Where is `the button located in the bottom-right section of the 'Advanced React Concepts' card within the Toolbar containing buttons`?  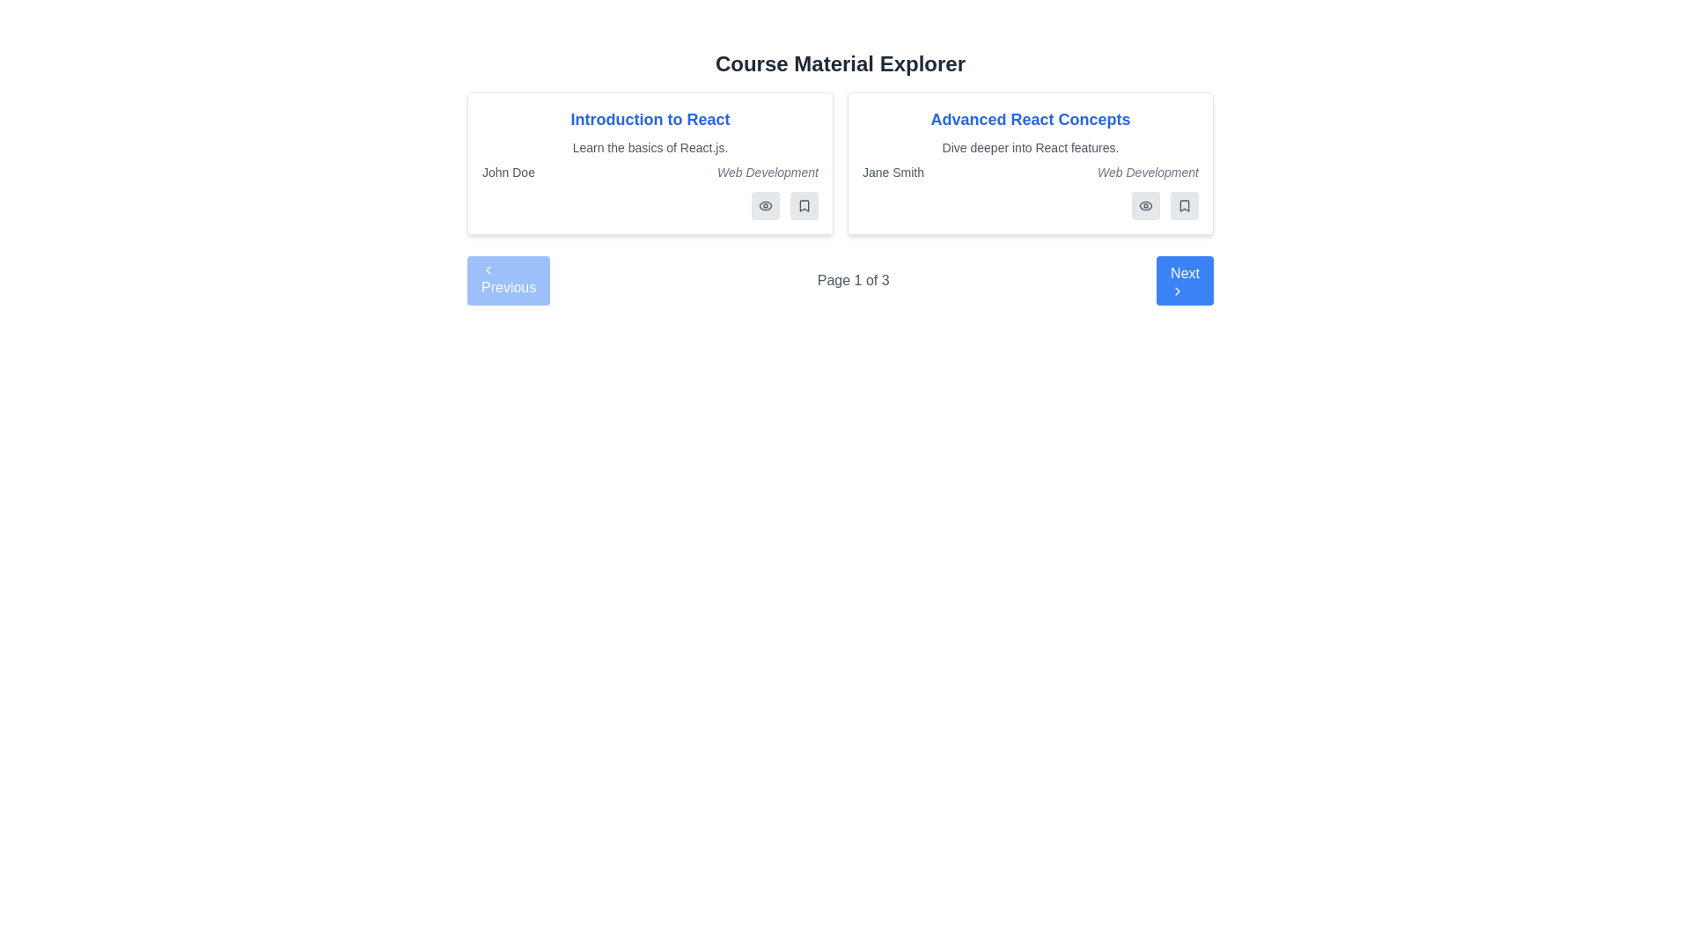
the button located in the bottom-right section of the 'Advanced React Concepts' card within the Toolbar containing buttons is located at coordinates (1031, 205).